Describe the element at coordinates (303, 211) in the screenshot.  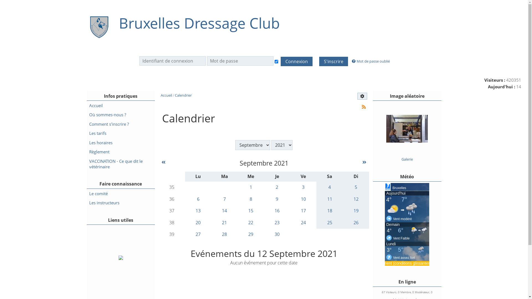
I see `'17'` at that location.